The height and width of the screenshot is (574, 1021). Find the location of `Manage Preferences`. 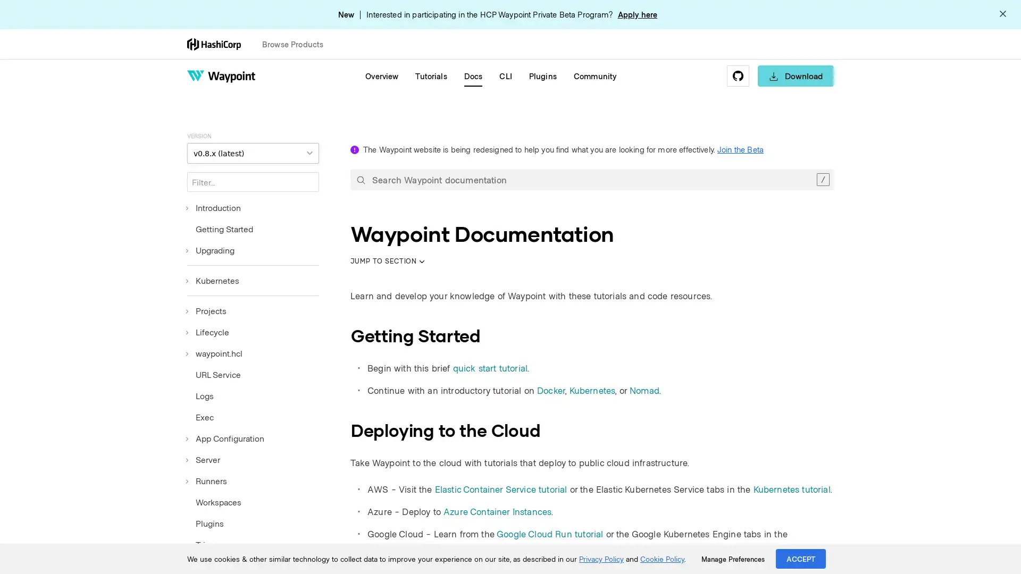

Manage Preferences is located at coordinates (732, 559).